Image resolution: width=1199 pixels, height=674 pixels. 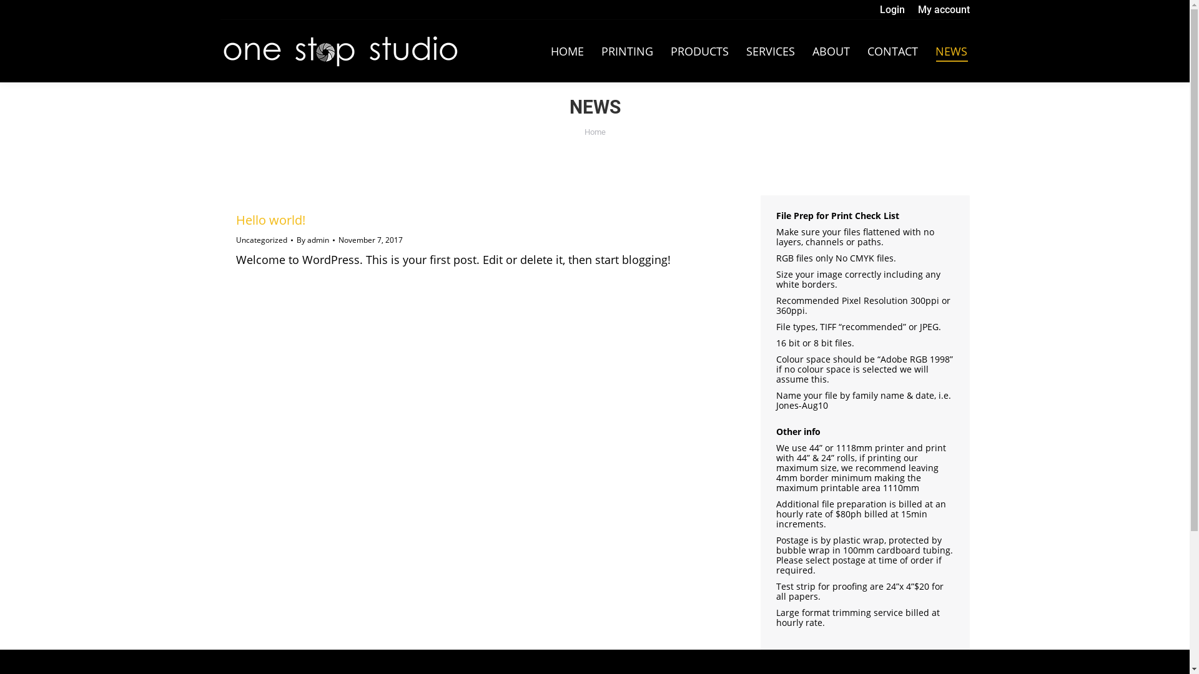 I want to click on 'Uncategorized', so click(x=260, y=240).